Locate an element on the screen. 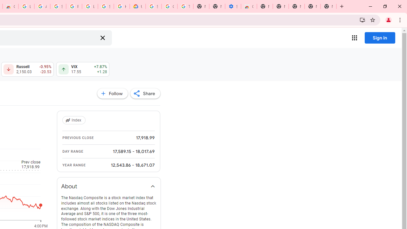 The width and height of the screenshot is (407, 229). 'VIX 17.55 Up by 7.87% +1.28' is located at coordinates (82, 69).